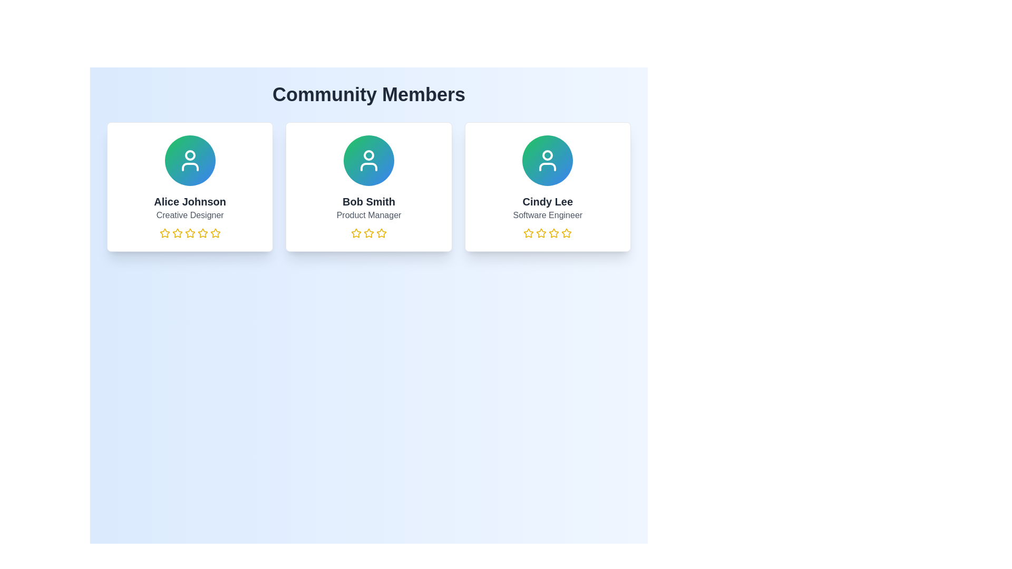 This screenshot has height=569, width=1012. What do you see at coordinates (381, 232) in the screenshot?
I see `the third star in the row of five stars on Bob Smith's card` at bounding box center [381, 232].